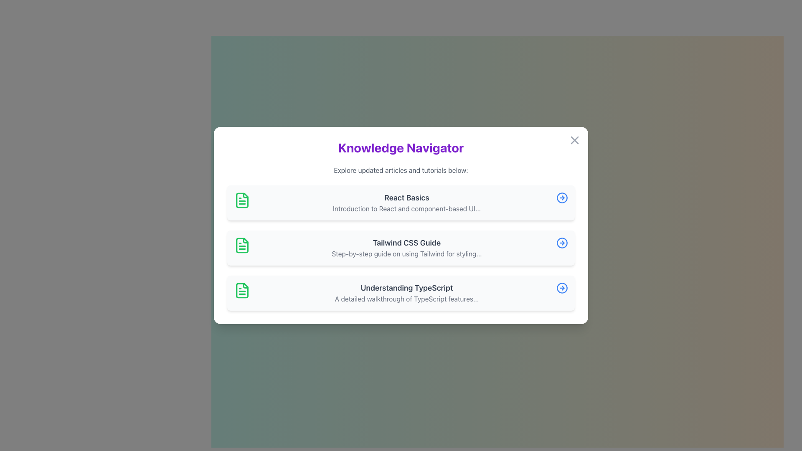  Describe the element at coordinates (401, 203) in the screenshot. I see `the 'React Basics' Navigation Card located in the 'Knowledge Navigator' modal` at that location.